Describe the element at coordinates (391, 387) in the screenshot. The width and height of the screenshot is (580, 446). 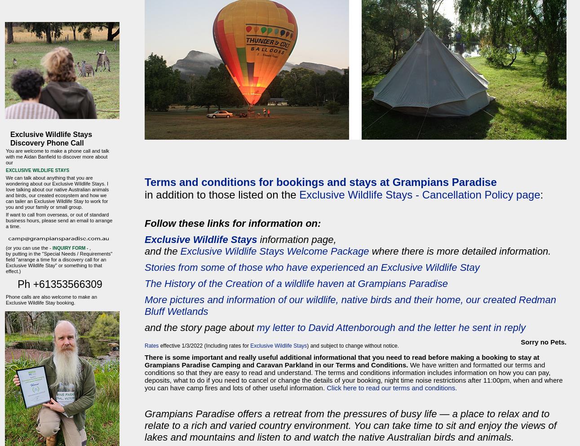
I see `'Click here to read our terms and conditions.'` at that location.